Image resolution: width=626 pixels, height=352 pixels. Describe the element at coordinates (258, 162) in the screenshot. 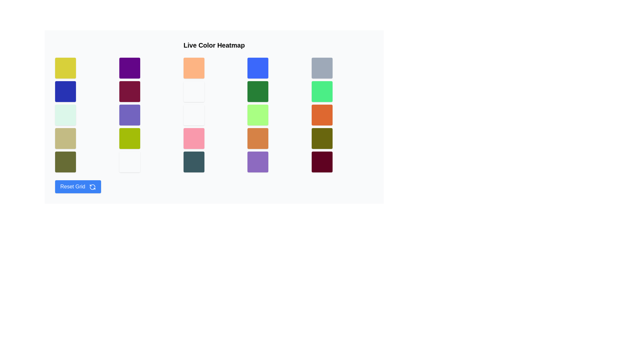

I see `the grid cell with a purple background located in the bottom row, second column from the right` at that location.